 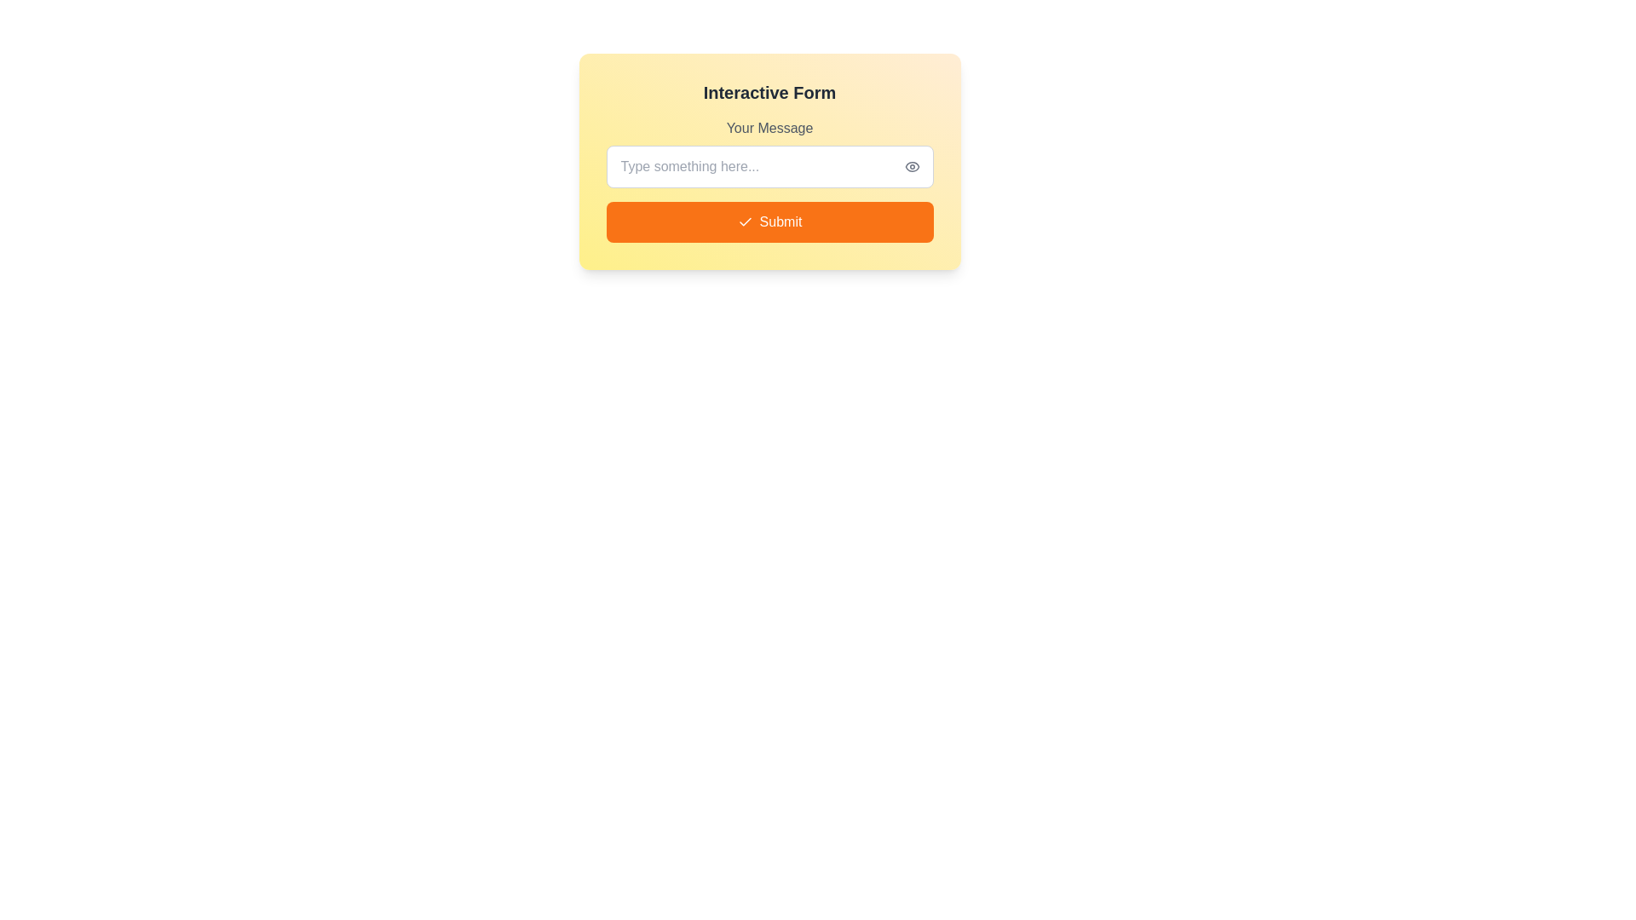 What do you see at coordinates (769, 153) in the screenshot?
I see `the text input field located below the 'Interactive Form' header and above the 'Submit' button to focus it` at bounding box center [769, 153].